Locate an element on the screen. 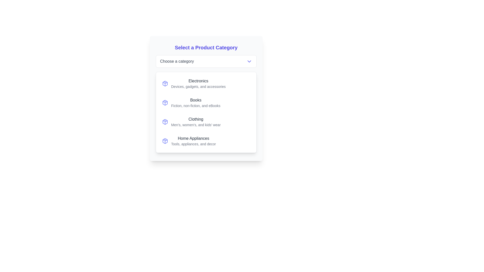 The height and width of the screenshot is (272, 484). the centrally aligned text label that prompts users to select a category from a dropdown menu is located at coordinates (177, 61).